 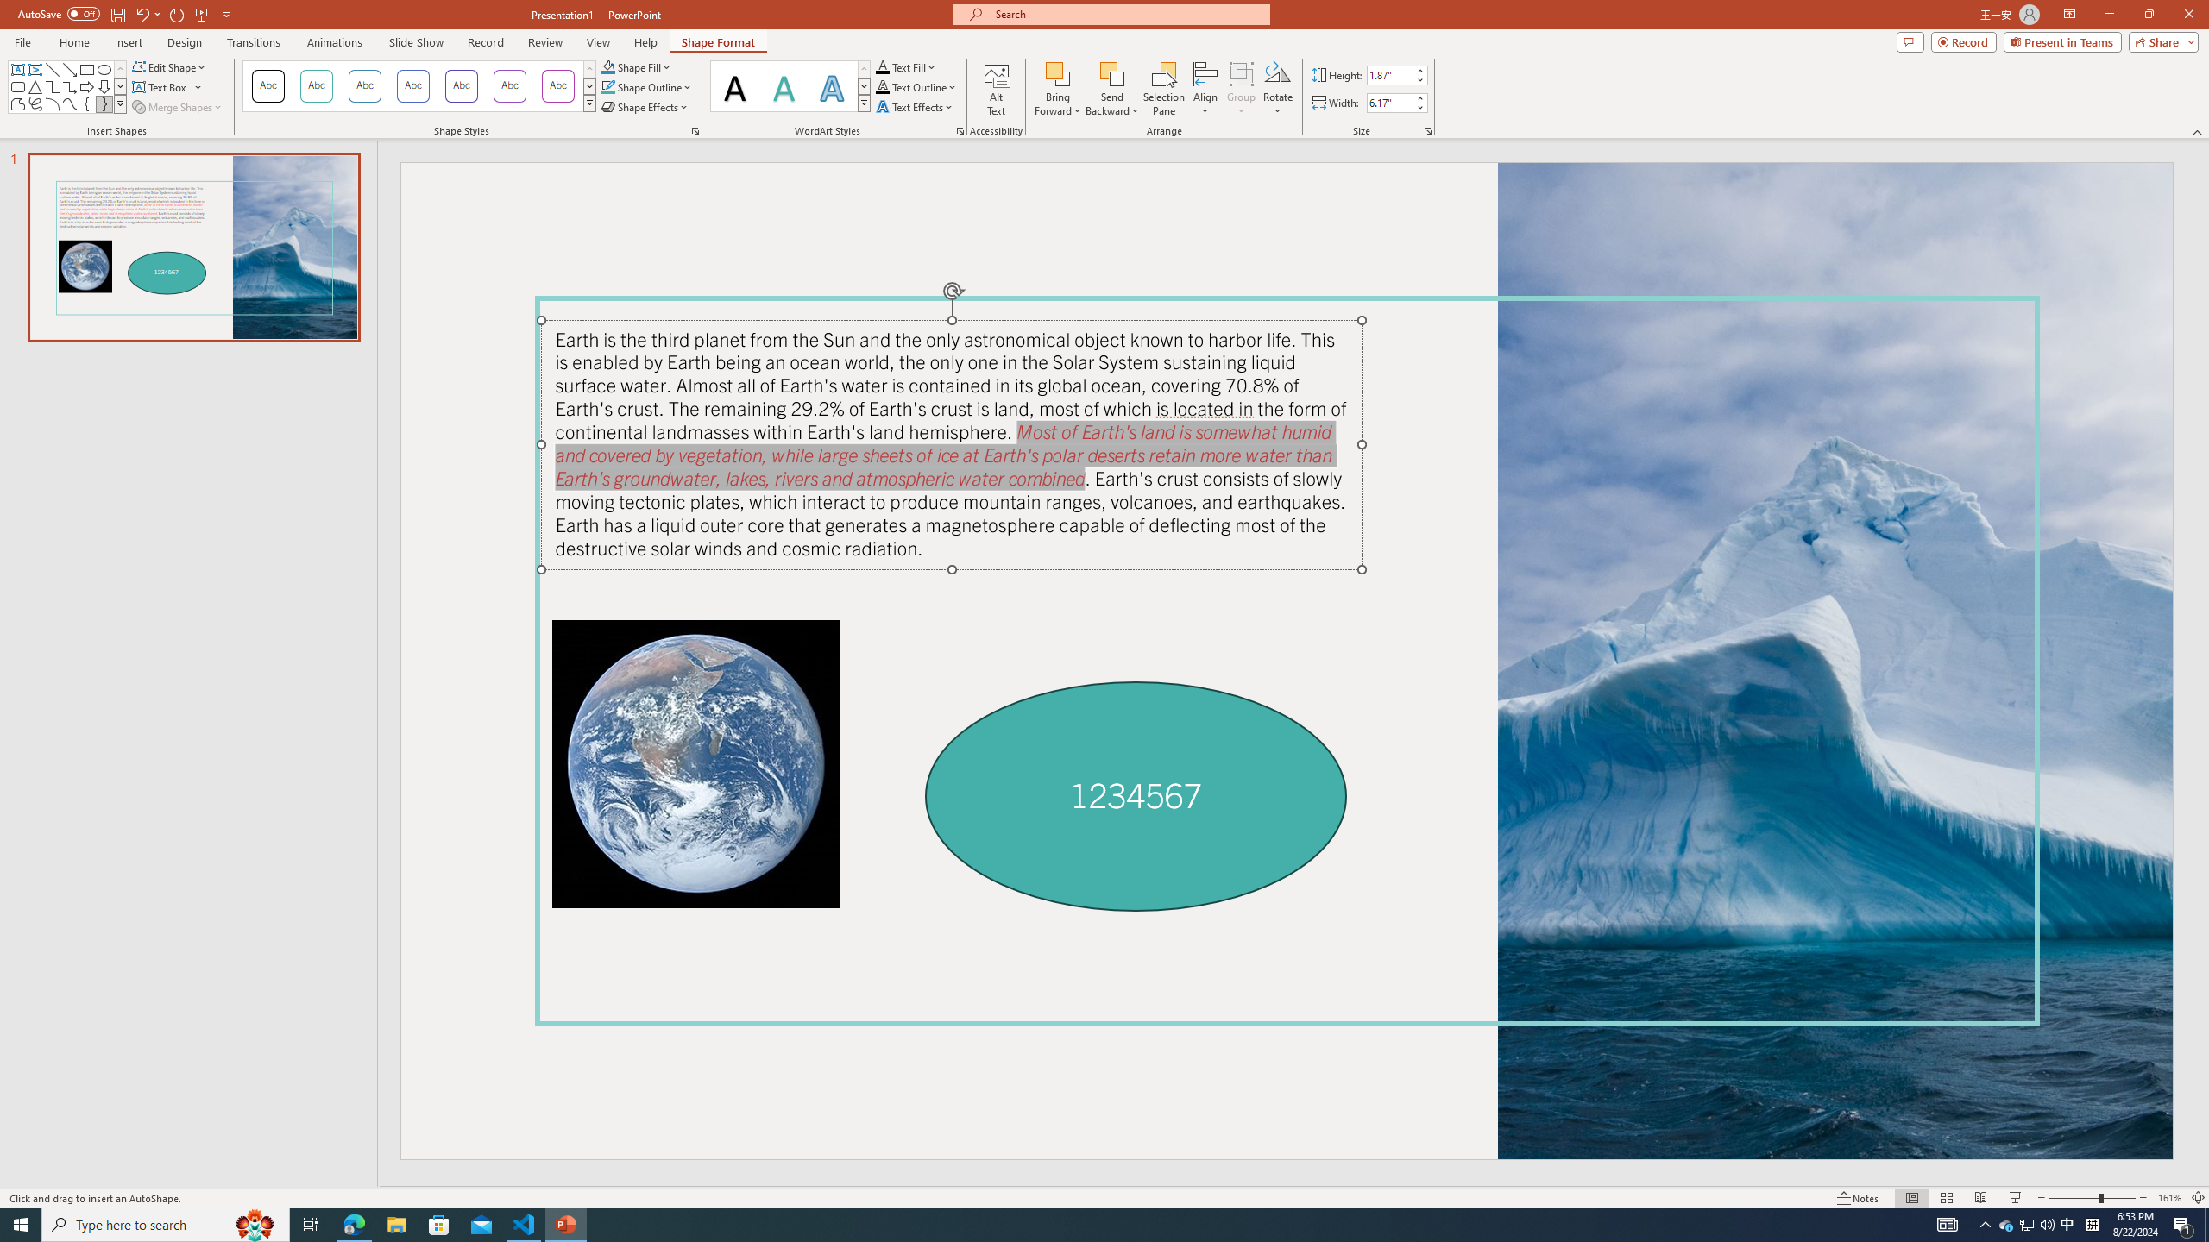 I want to click on 'Align', so click(x=1205, y=89).